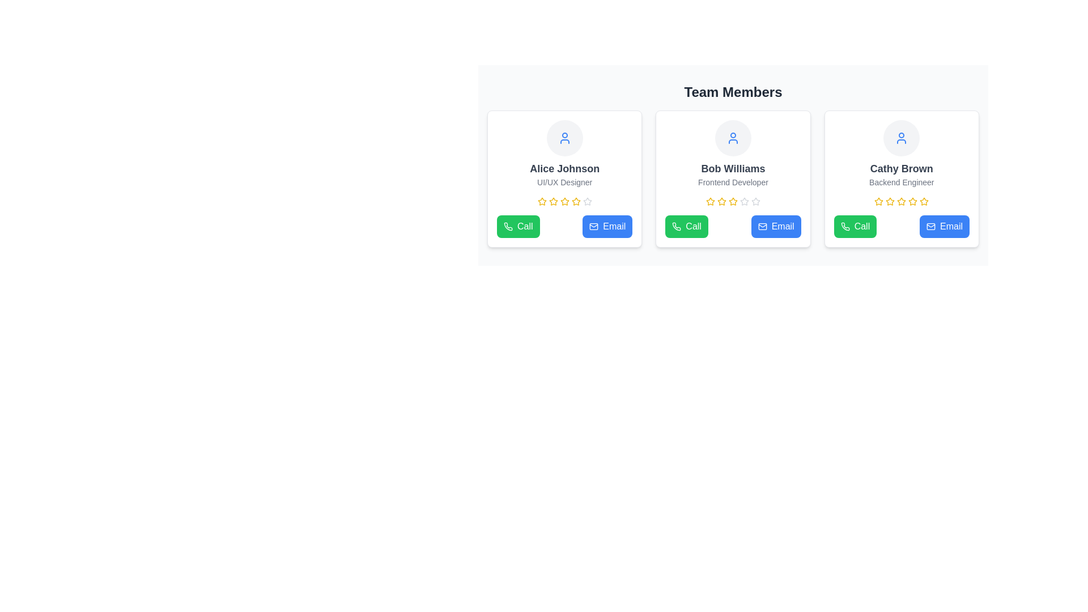  I want to click on the text label displaying 'Cathy Brown', which is styled in bold, dark gray, and is center-aligned below the circular avatar in the team members section, so click(901, 168).